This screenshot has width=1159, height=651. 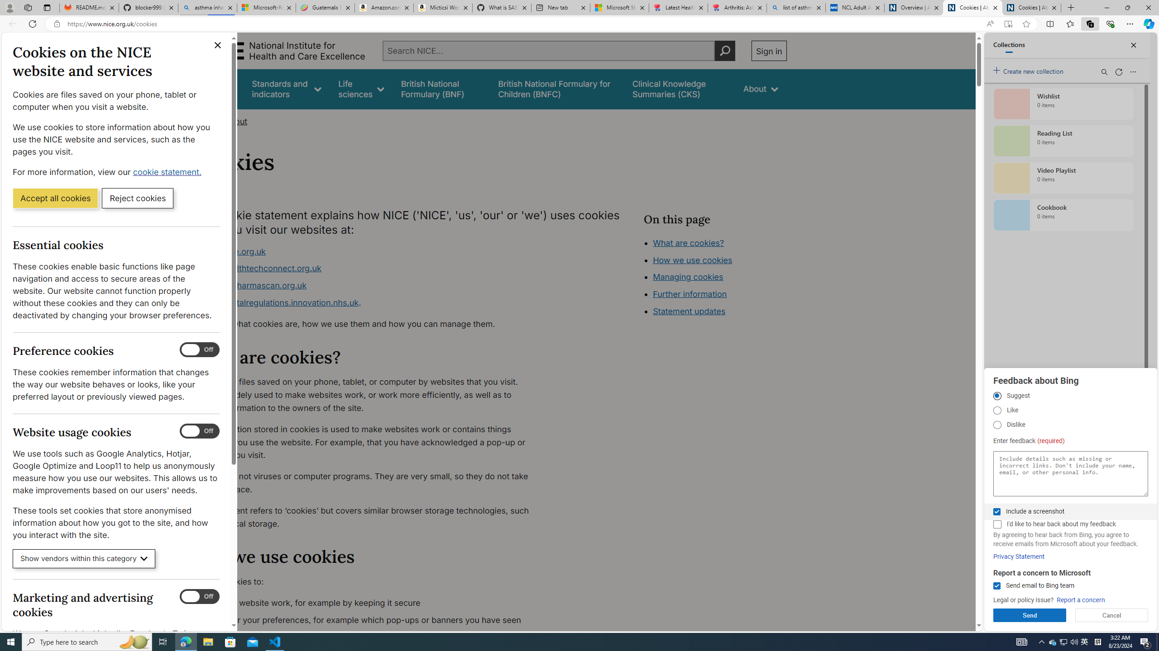 What do you see at coordinates (260, 268) in the screenshot?
I see `'www.healthtechconnect.org.uk'` at bounding box center [260, 268].